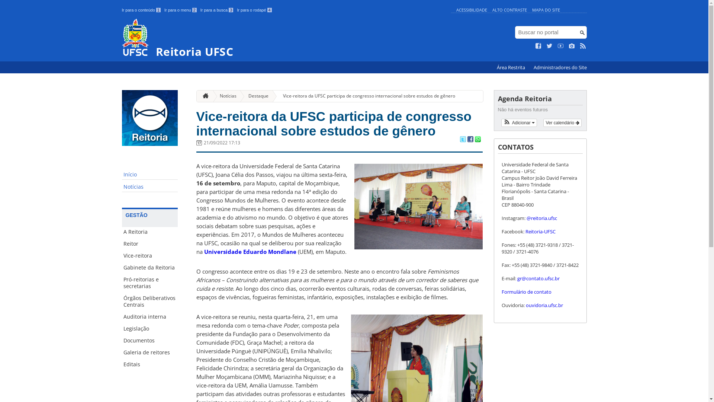 The width and height of the screenshot is (714, 402). I want to click on '@reitoria.ufsc', so click(526, 218).